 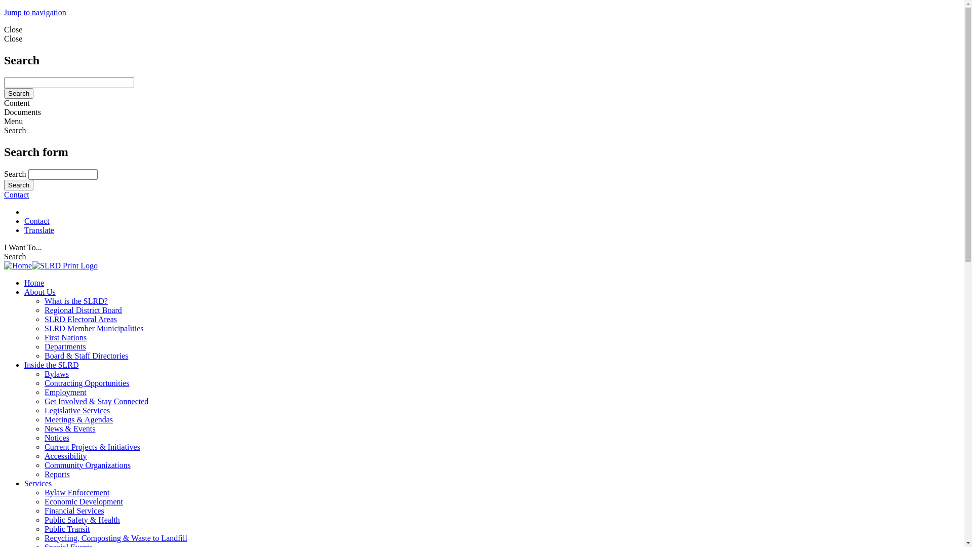 I want to click on 'Home', so click(x=34, y=283).